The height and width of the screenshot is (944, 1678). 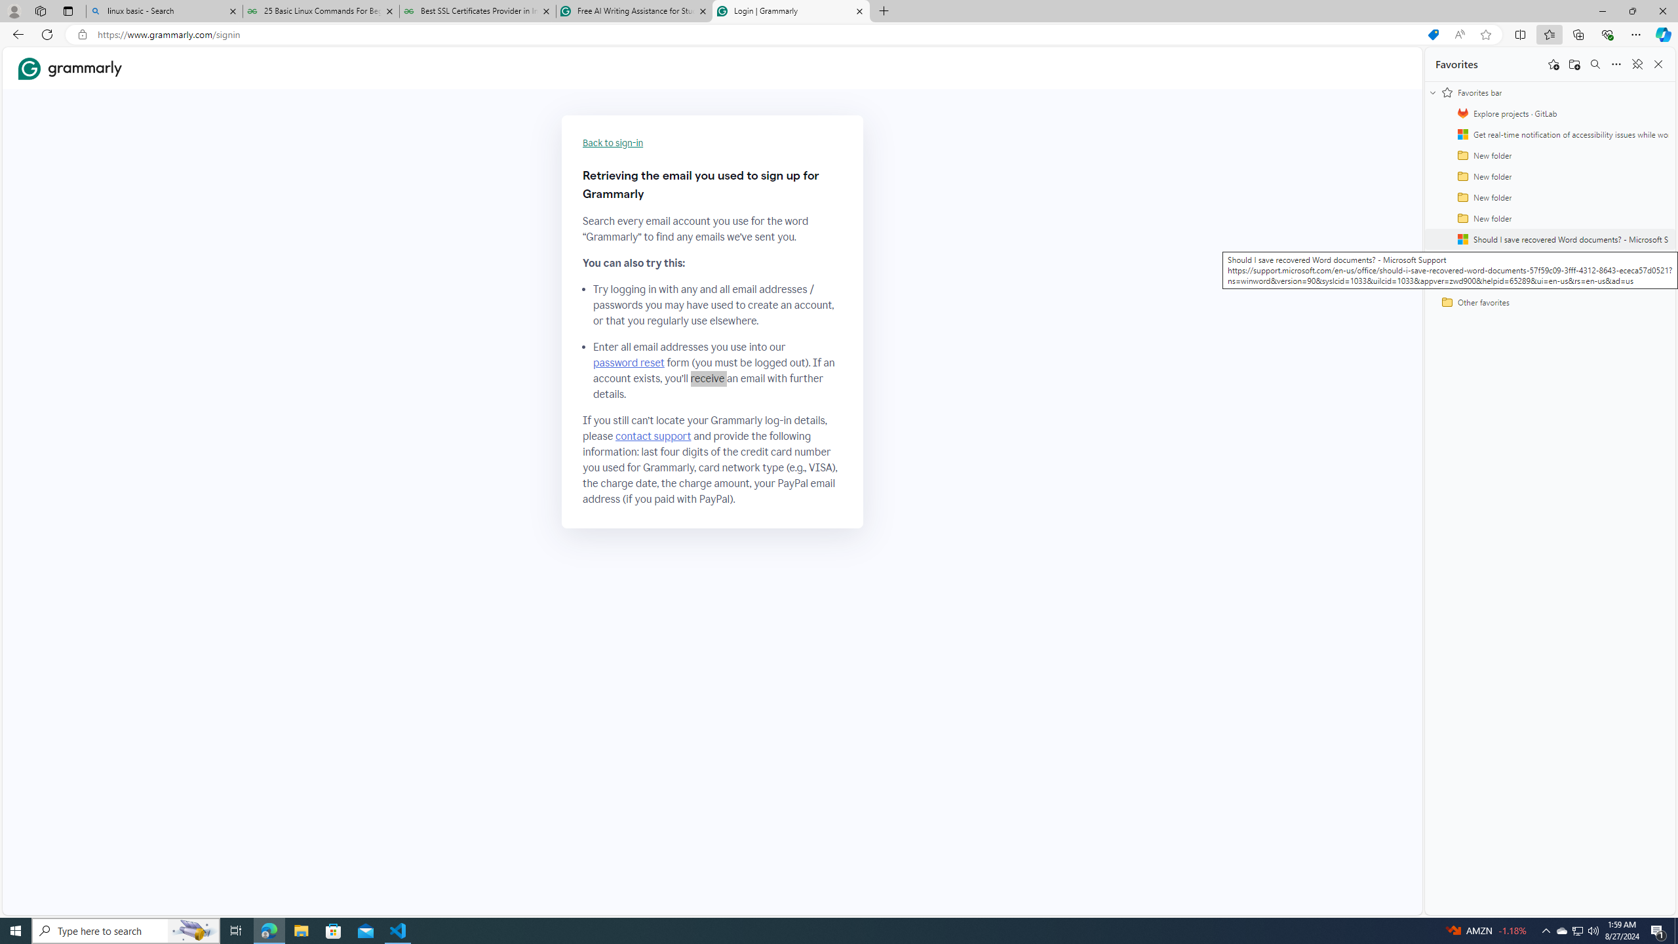 I want to click on 'contact support', so click(x=653, y=437).